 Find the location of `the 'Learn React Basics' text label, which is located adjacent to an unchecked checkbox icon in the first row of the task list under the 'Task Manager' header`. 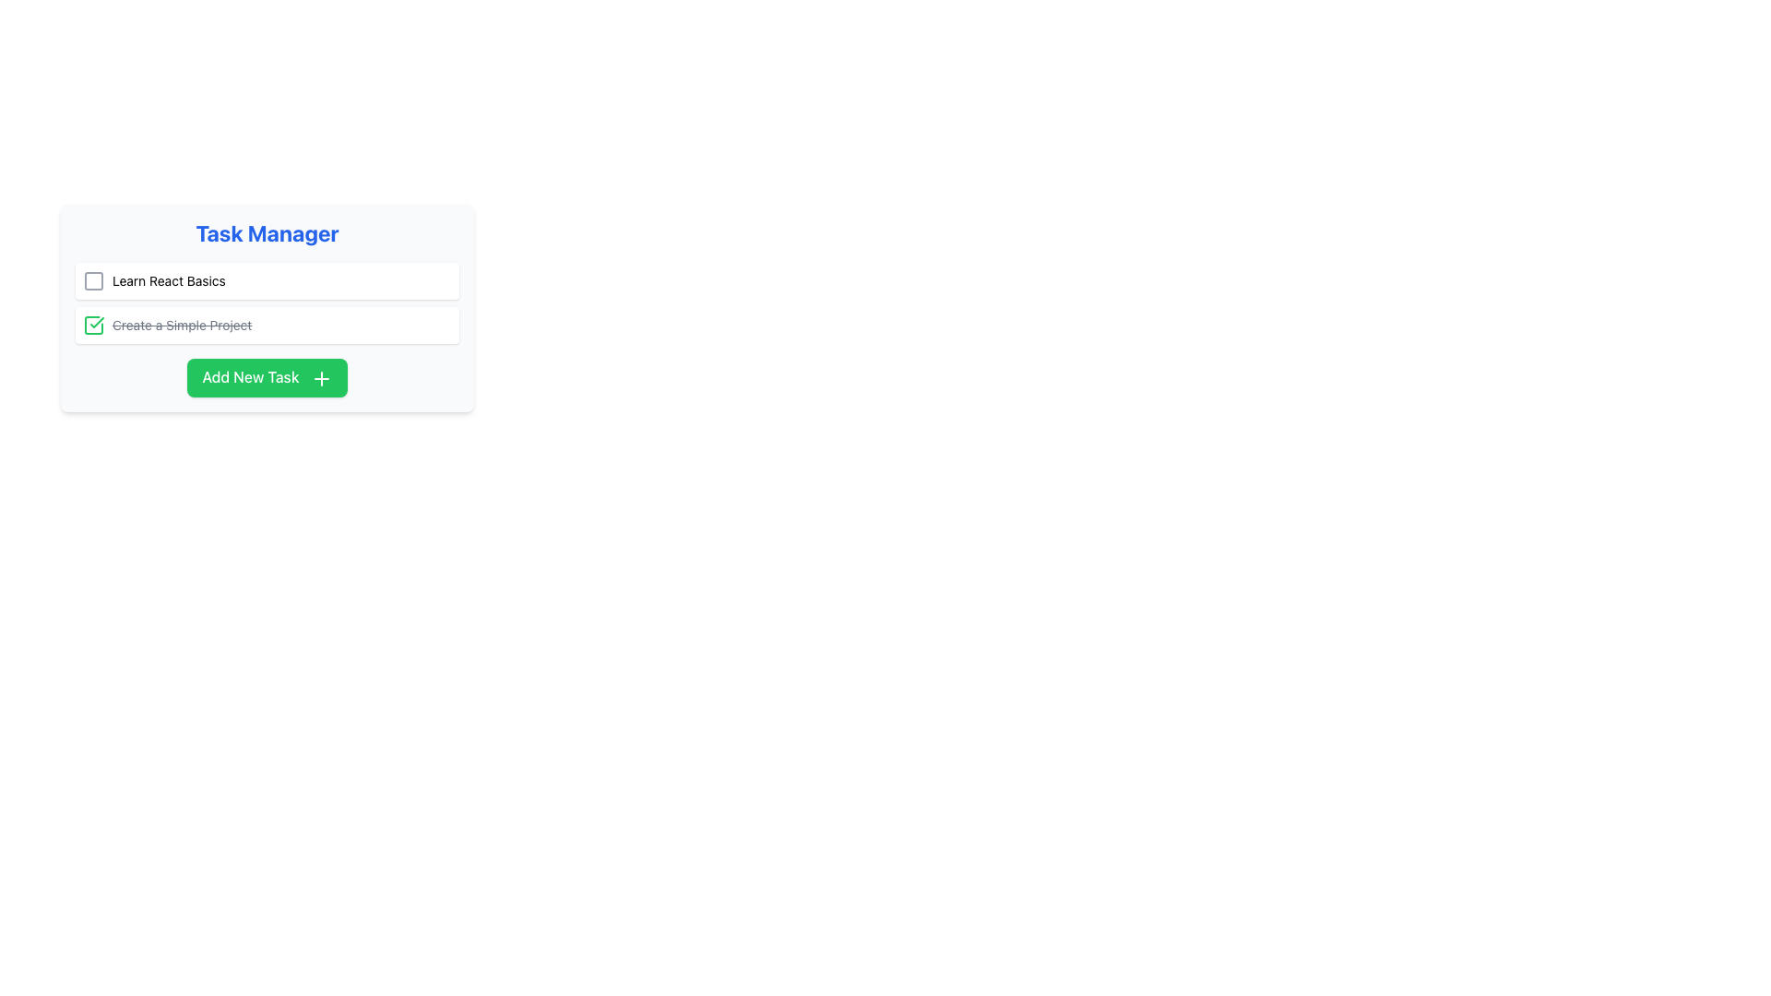

the 'Learn React Basics' text label, which is located adjacent to an unchecked checkbox icon in the first row of the task list under the 'Task Manager' header is located at coordinates (169, 280).